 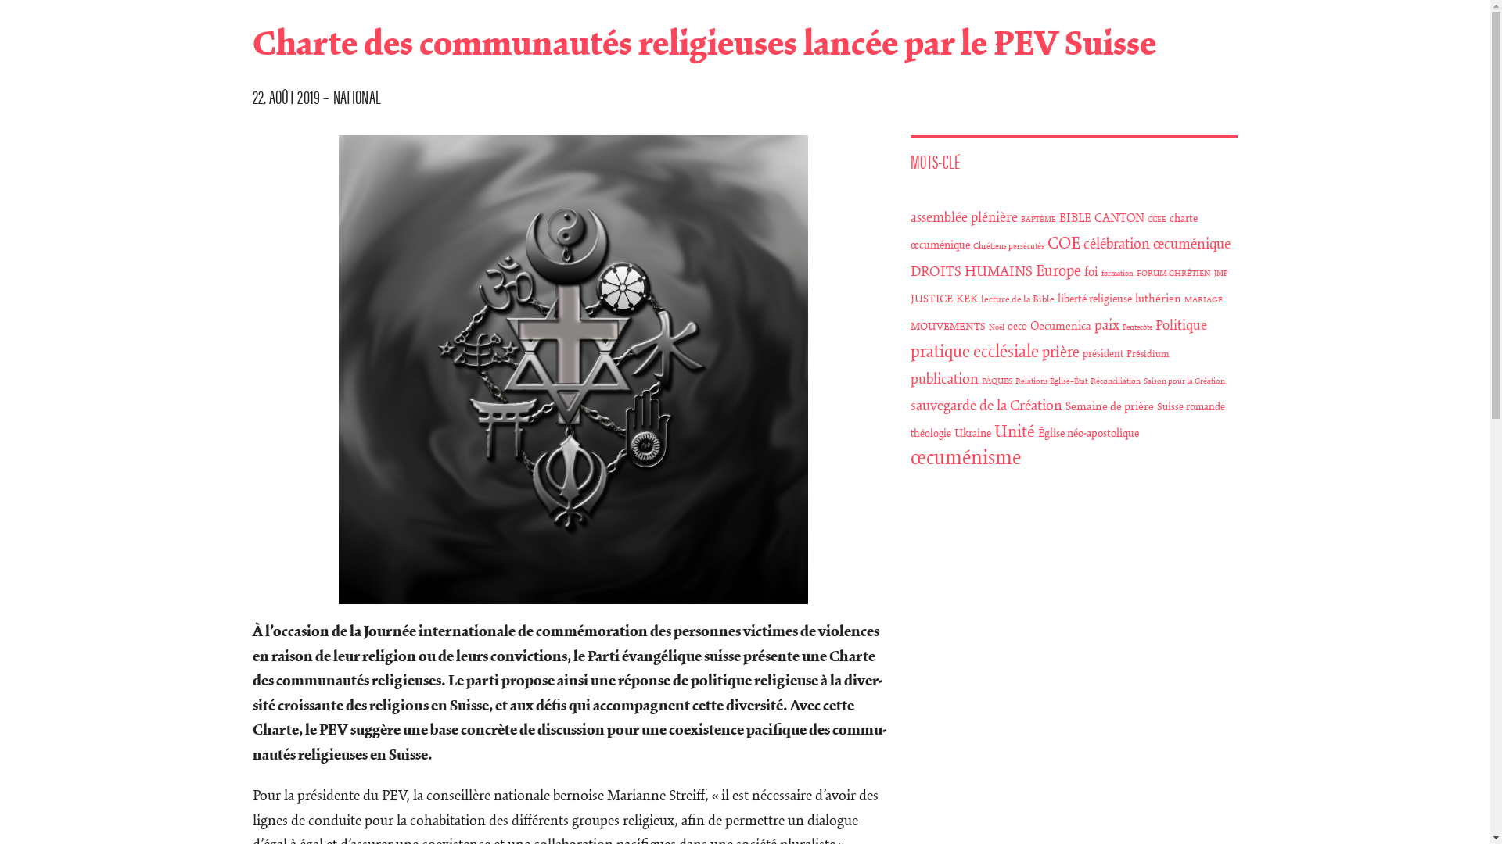 I want to click on 'Suisse romande', so click(x=1190, y=406).